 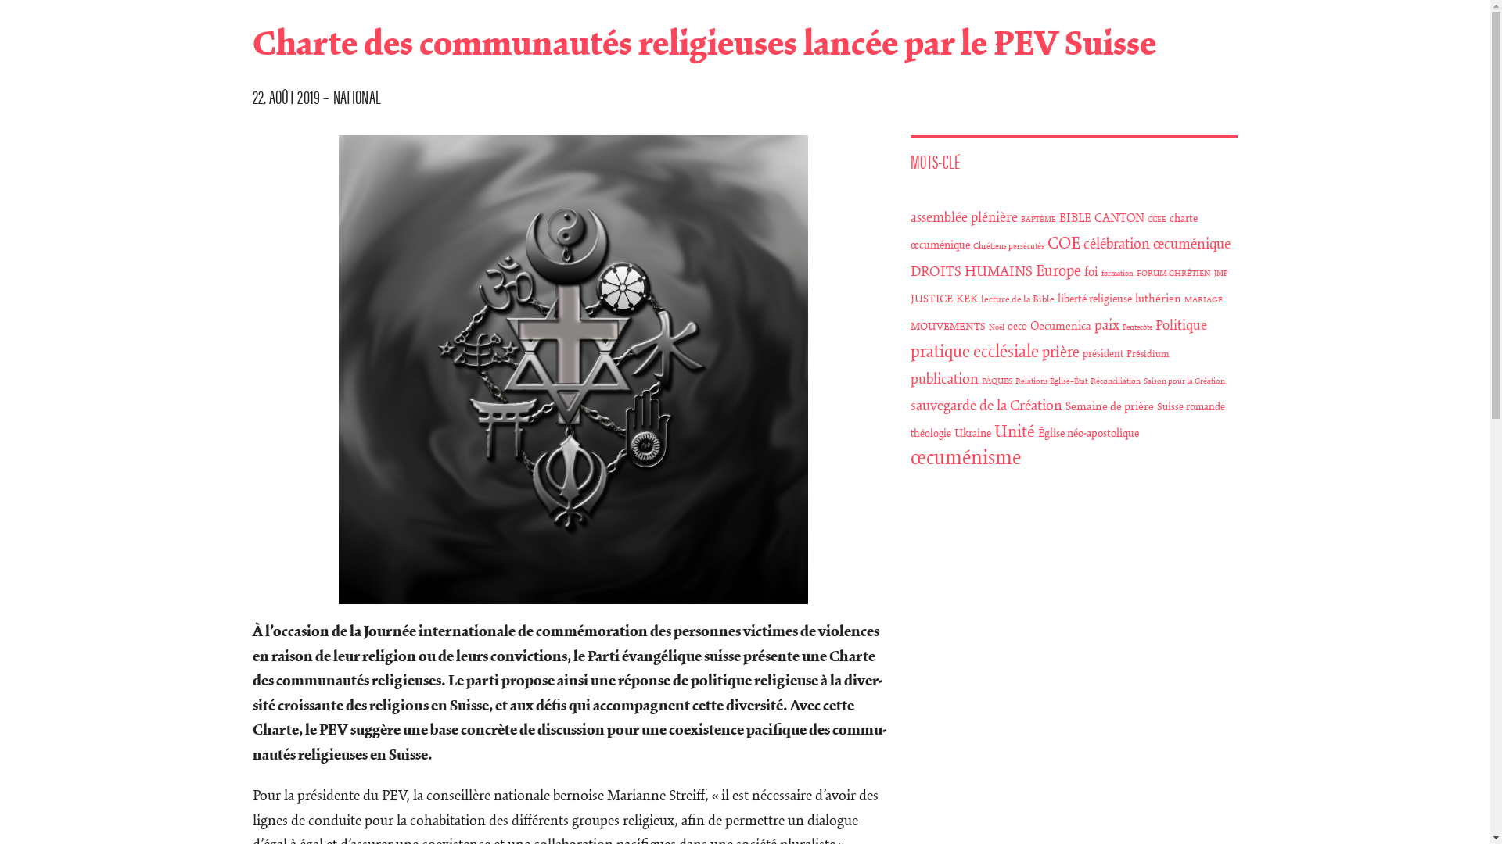 I want to click on 'Suisse romande', so click(x=1190, y=406).